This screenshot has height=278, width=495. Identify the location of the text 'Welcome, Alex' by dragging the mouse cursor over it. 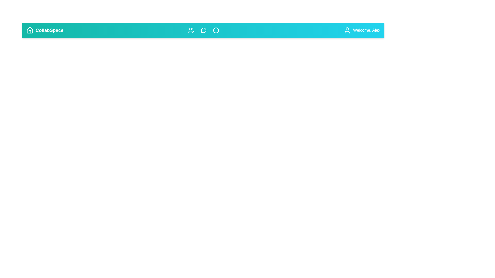
(352, 27).